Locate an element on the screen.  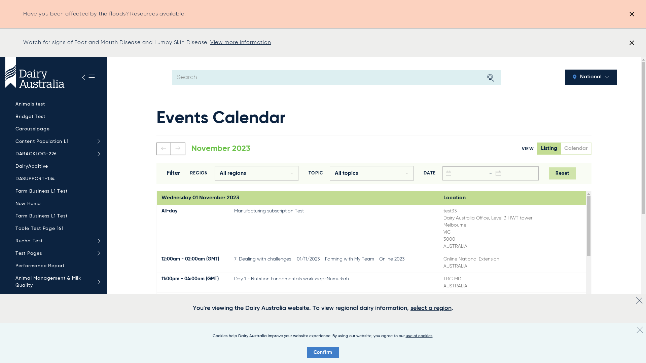
'Reset' is located at coordinates (562, 173).